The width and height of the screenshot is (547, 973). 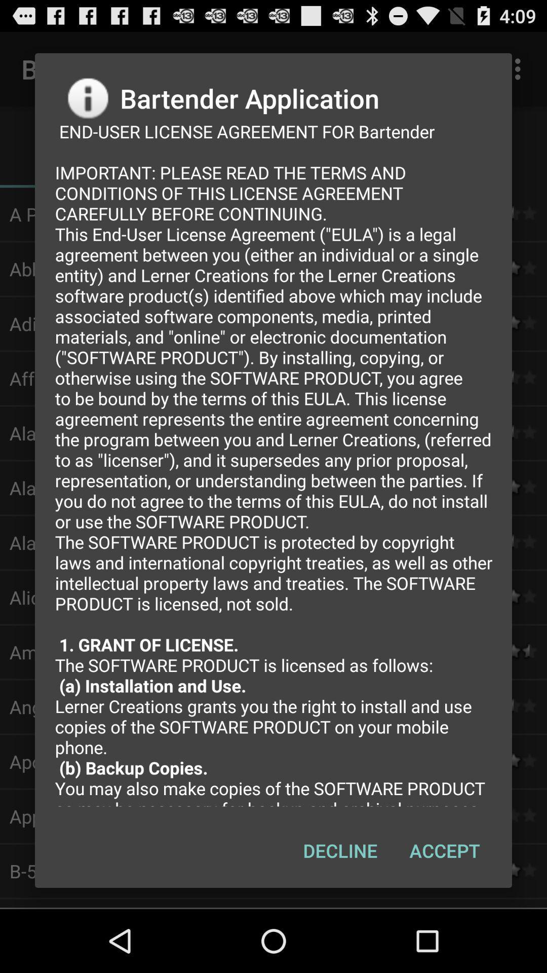 What do you see at coordinates (444, 850) in the screenshot?
I see `accept` at bounding box center [444, 850].